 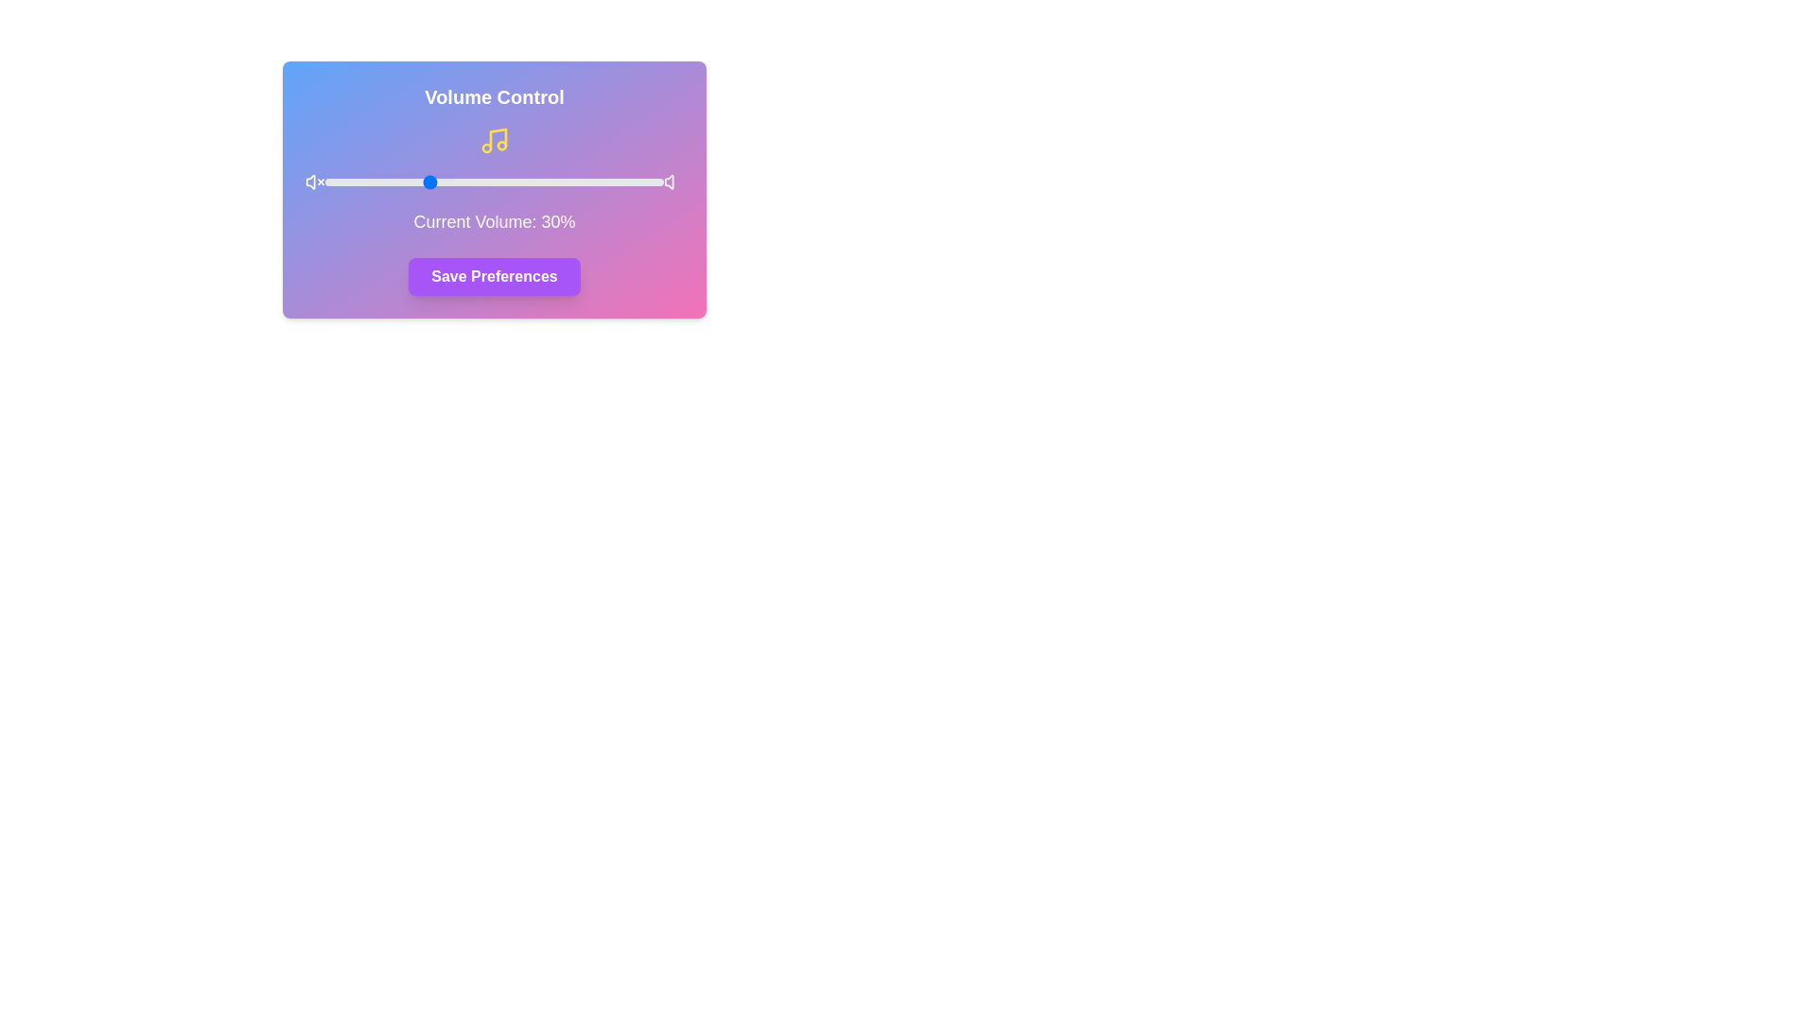 What do you see at coordinates (632, 182) in the screenshot?
I see `the volume slider to set it to 91%` at bounding box center [632, 182].